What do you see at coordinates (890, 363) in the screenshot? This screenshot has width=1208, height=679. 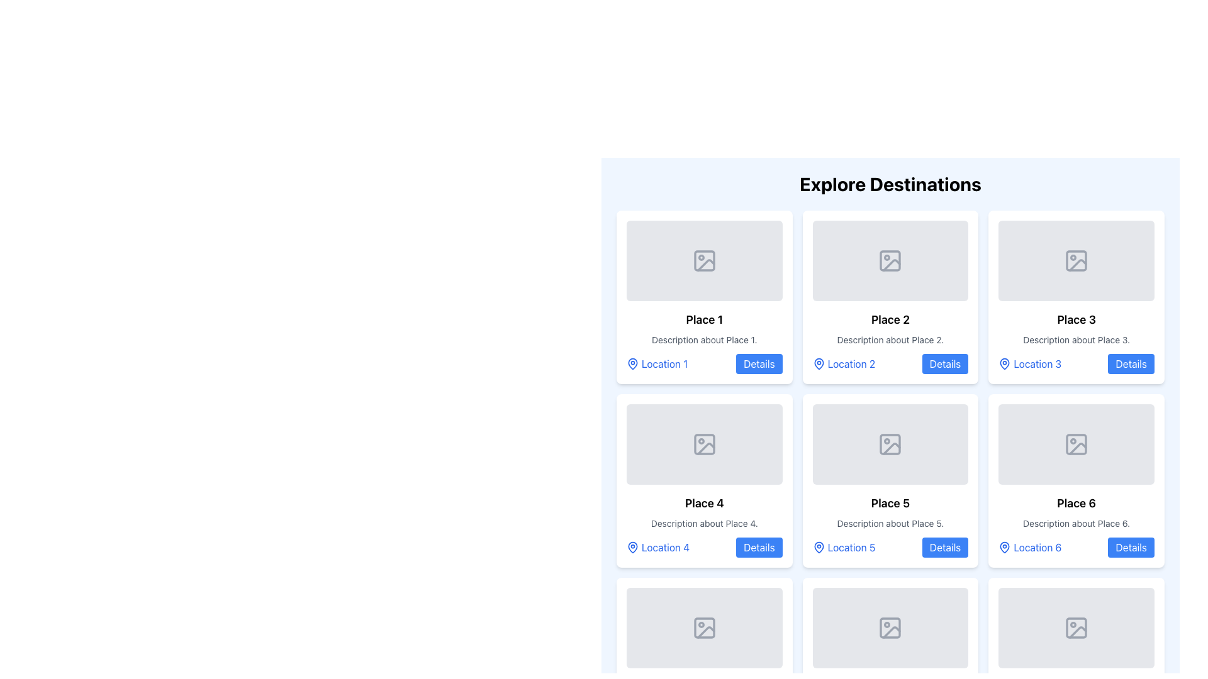 I see `the interactive button in the 'Place 2' card located in the second column of the first row under 'Explore Destinations'` at bounding box center [890, 363].